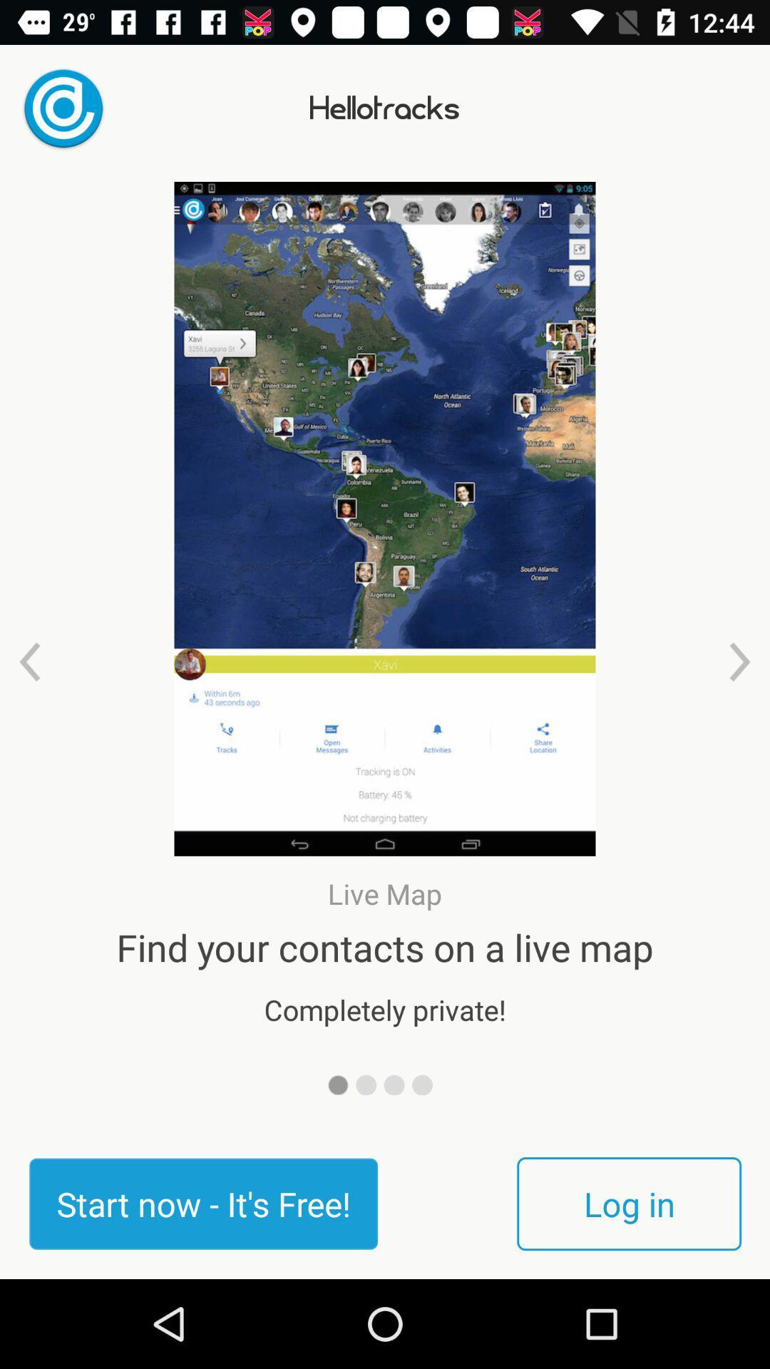 This screenshot has height=1369, width=770. Describe the element at coordinates (203, 1203) in the screenshot. I see `icon next to the log in item` at that location.